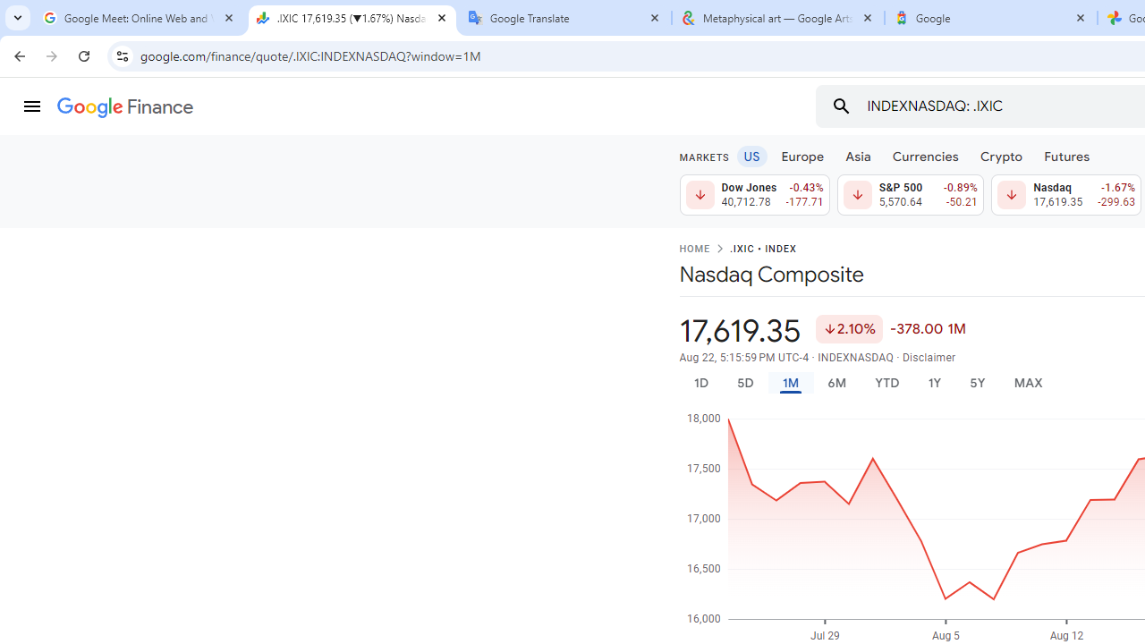  I want to click on 'YTD', so click(886, 382).